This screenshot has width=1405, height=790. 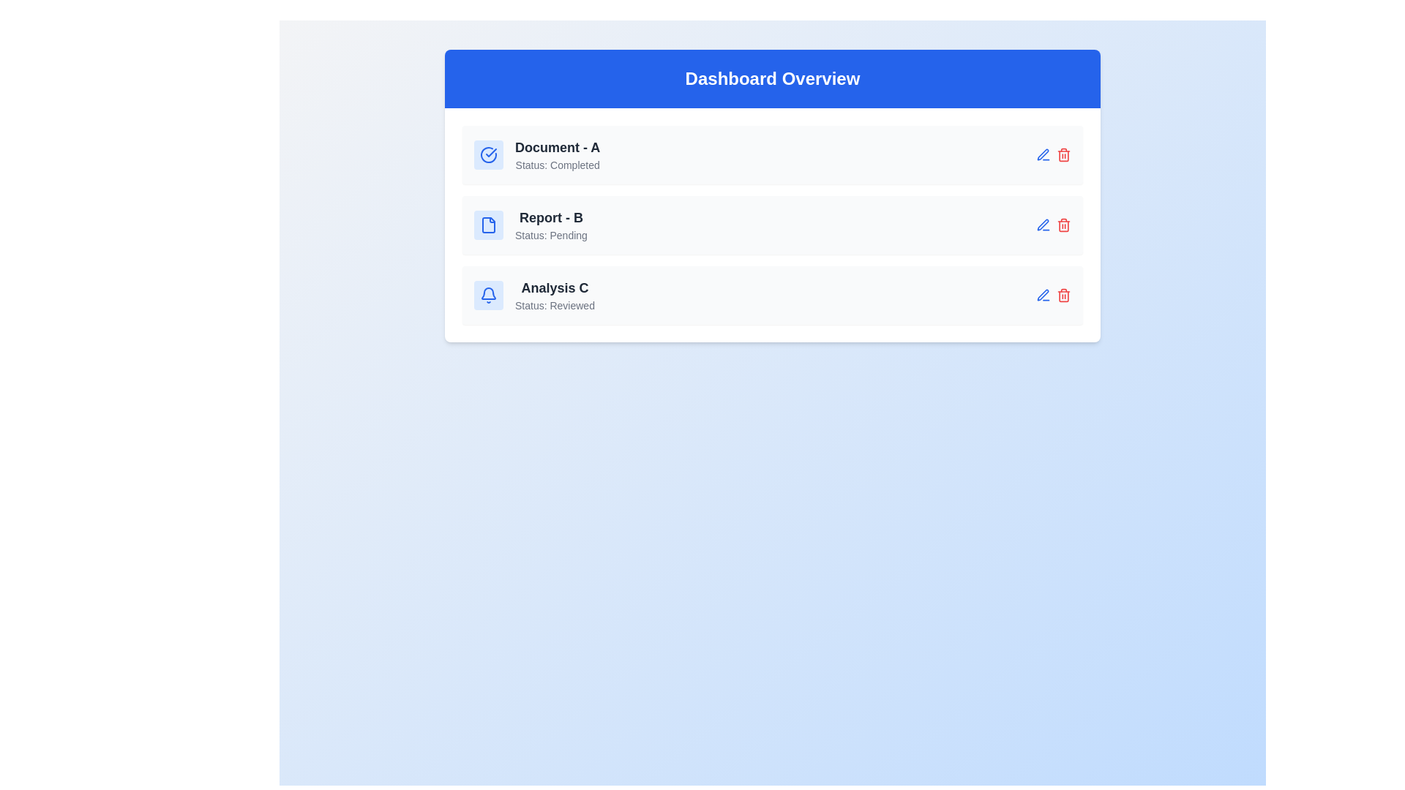 I want to click on the Text Label that displays the completion status of the associated document, located beneath the 'Document - A' label in a vertically stacked list within a card layout, so click(x=557, y=165).